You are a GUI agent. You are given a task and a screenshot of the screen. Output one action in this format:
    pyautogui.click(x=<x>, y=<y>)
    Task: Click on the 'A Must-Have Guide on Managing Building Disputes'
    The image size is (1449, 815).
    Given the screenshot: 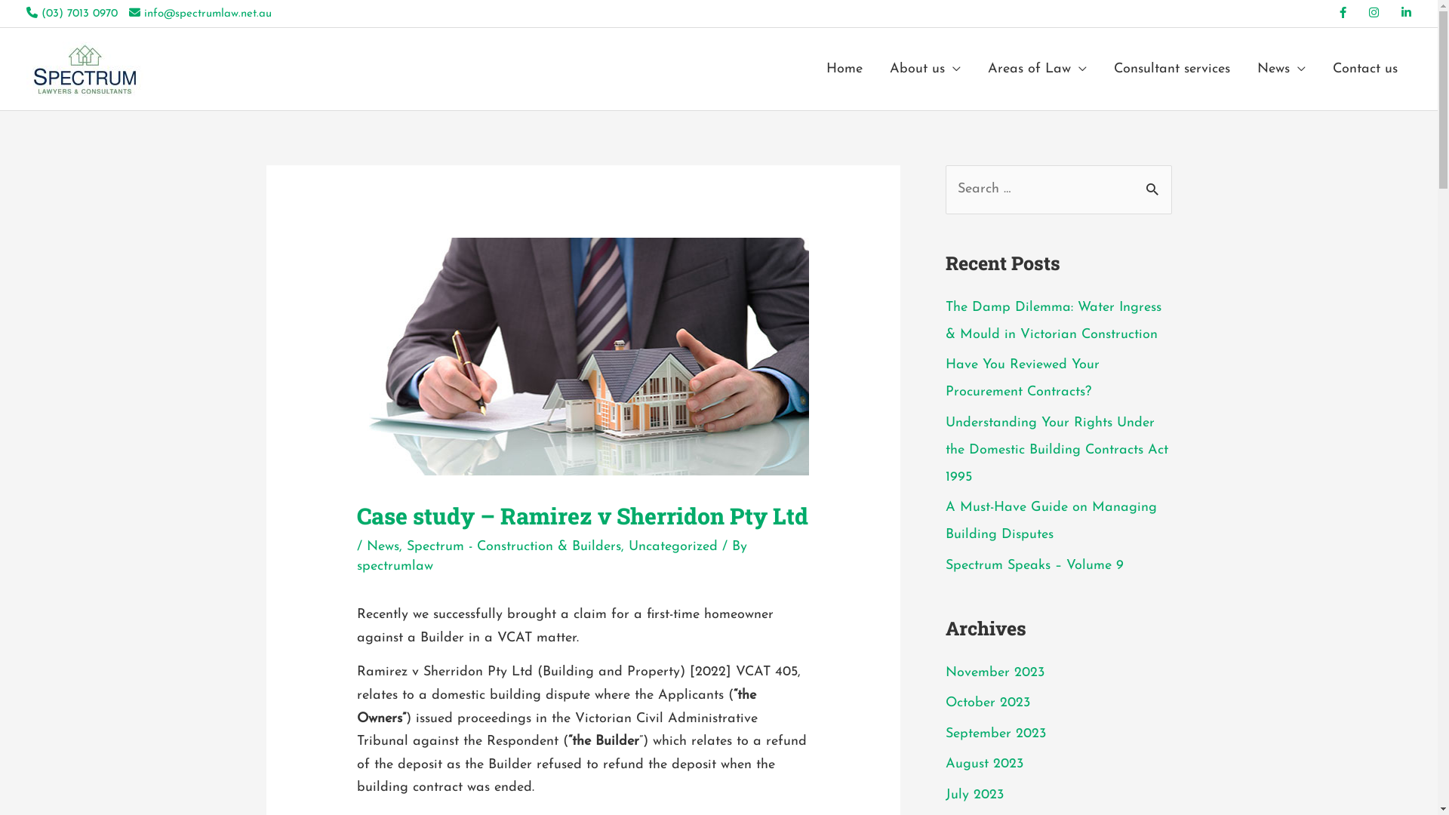 What is the action you would take?
    pyautogui.click(x=1050, y=520)
    